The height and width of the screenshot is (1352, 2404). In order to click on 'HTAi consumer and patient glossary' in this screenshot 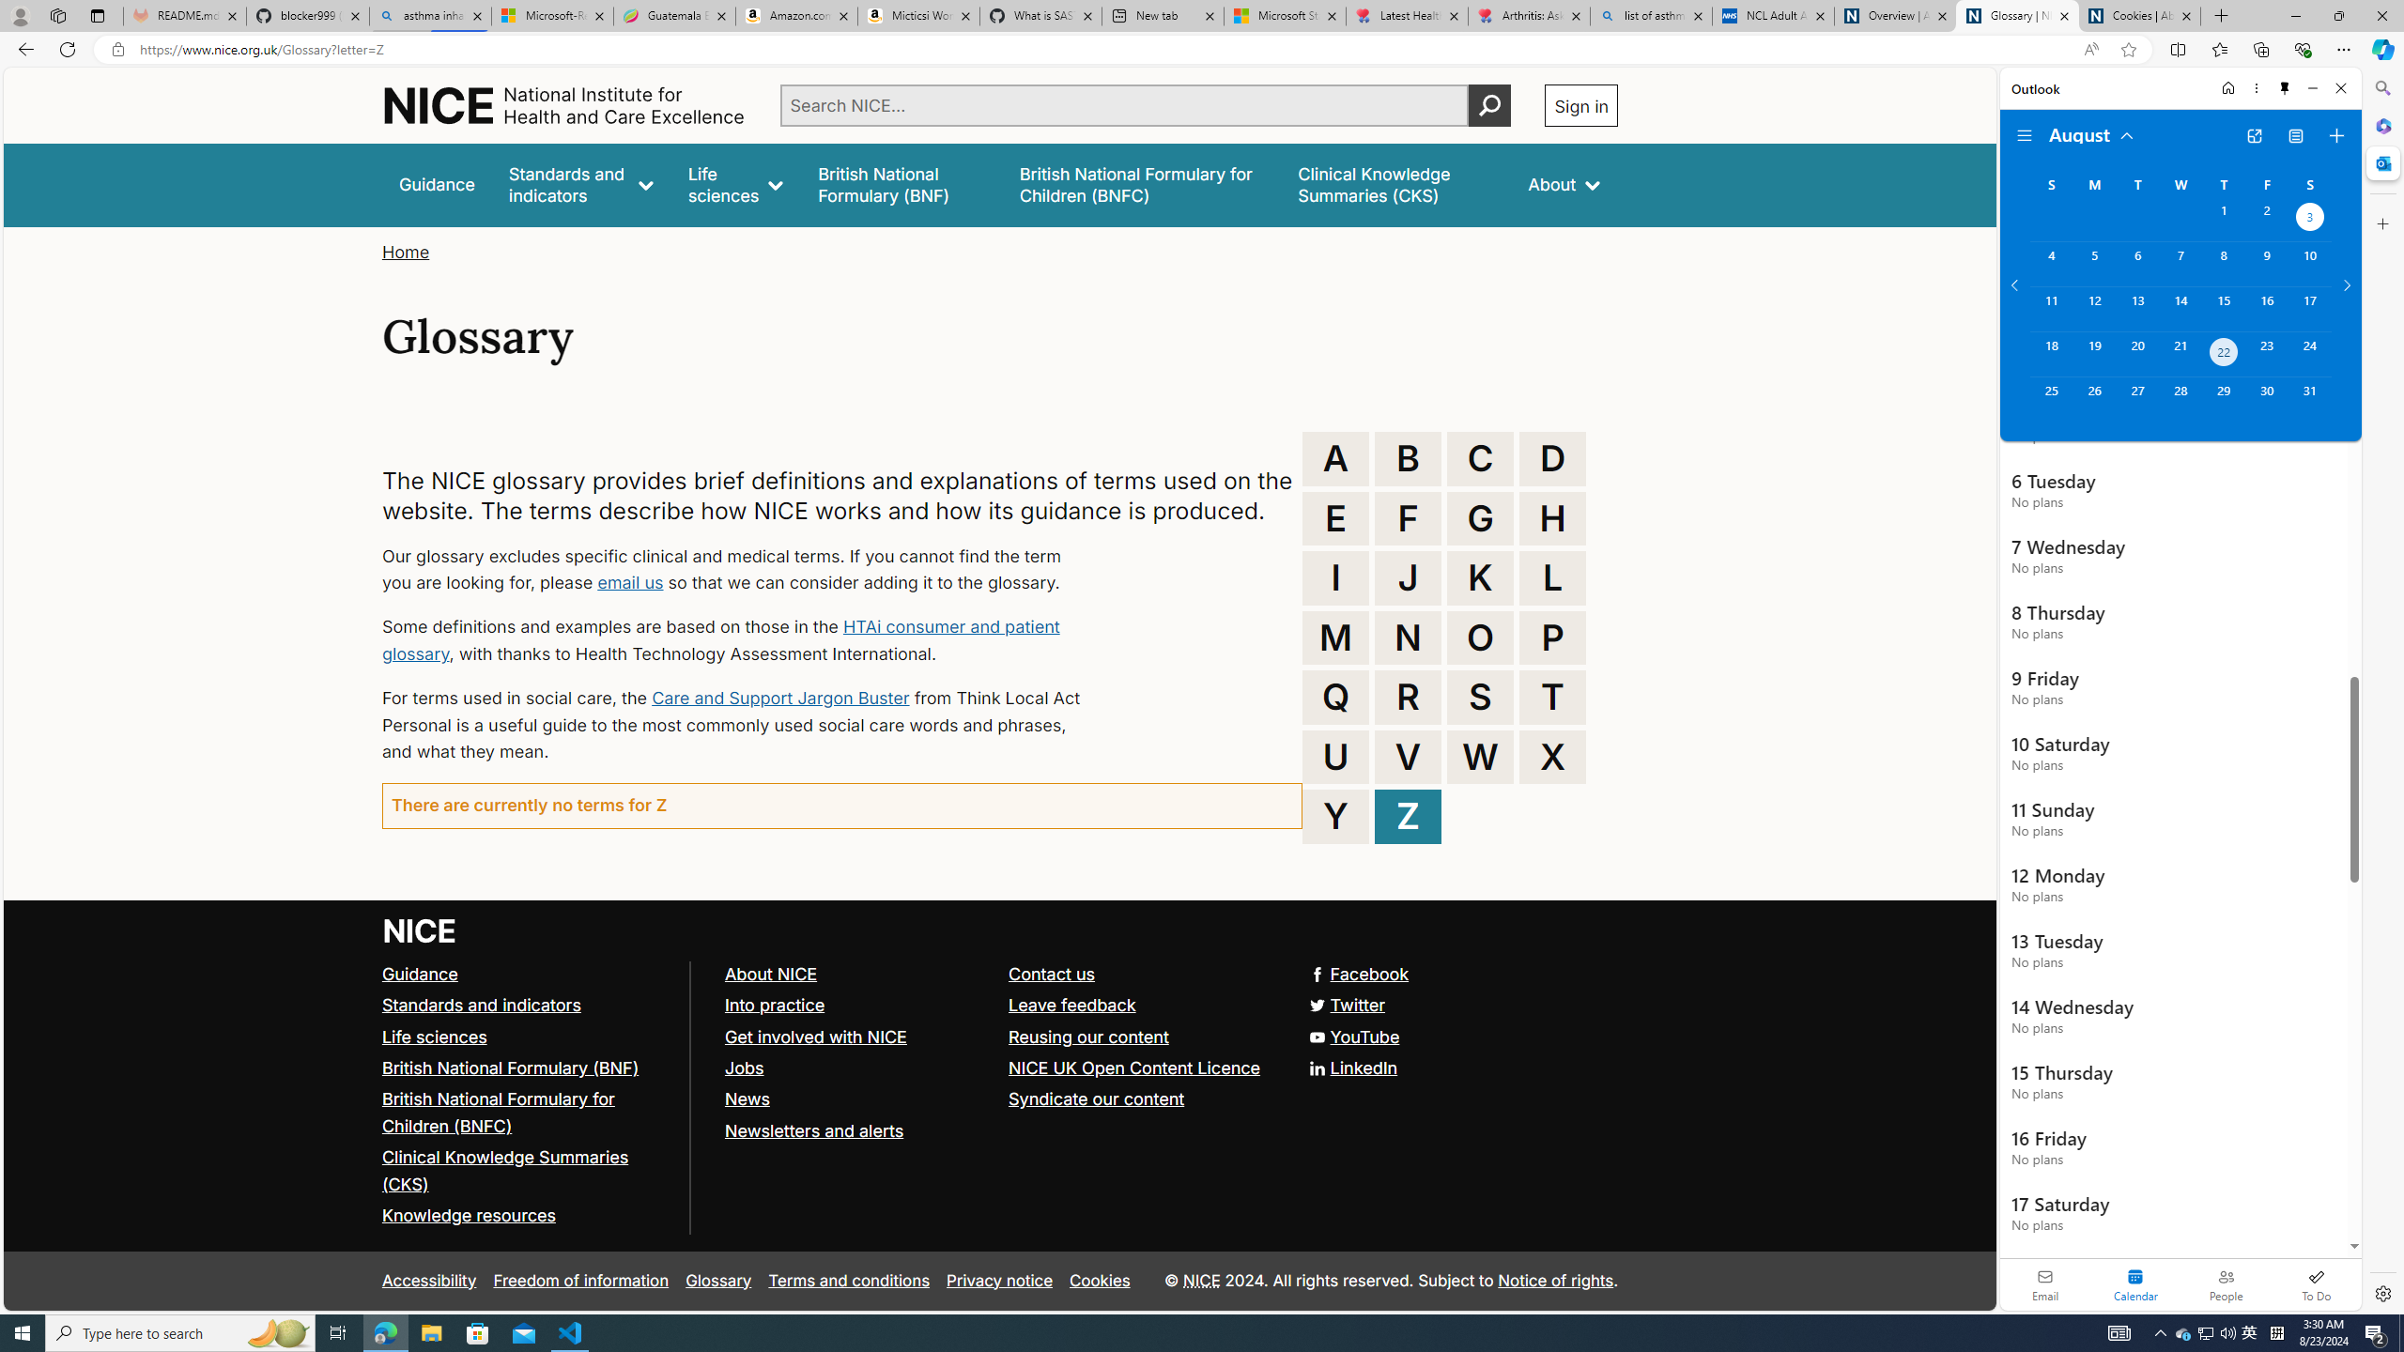, I will do `click(720, 639)`.